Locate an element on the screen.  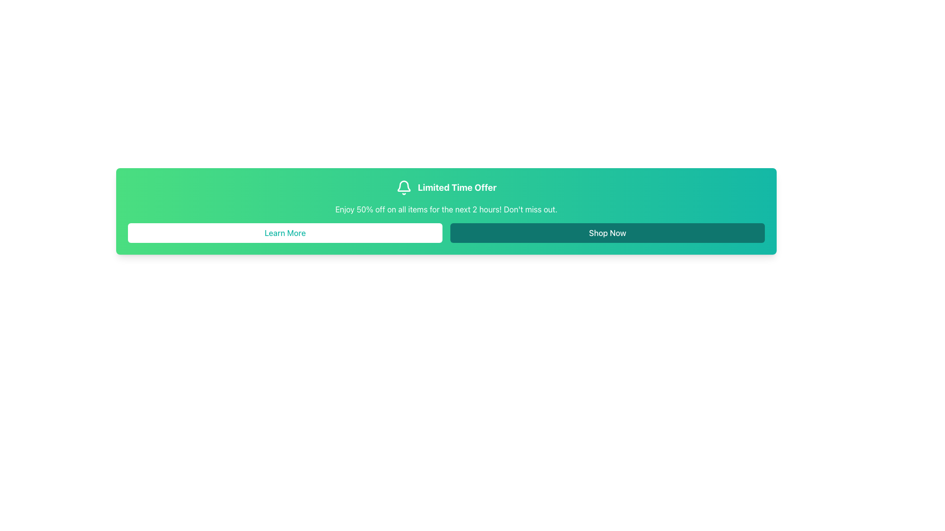
the headline text element located to the right of the bell icon is located at coordinates (457, 187).